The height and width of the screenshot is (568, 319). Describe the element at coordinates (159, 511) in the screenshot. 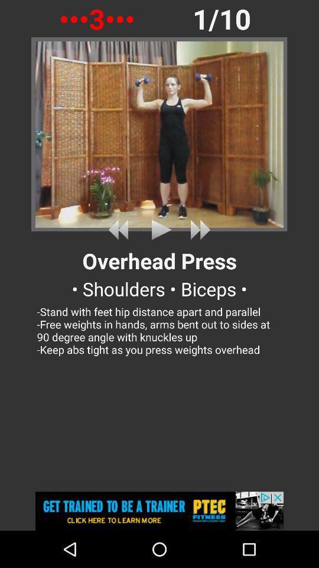

I see `advertisements` at that location.